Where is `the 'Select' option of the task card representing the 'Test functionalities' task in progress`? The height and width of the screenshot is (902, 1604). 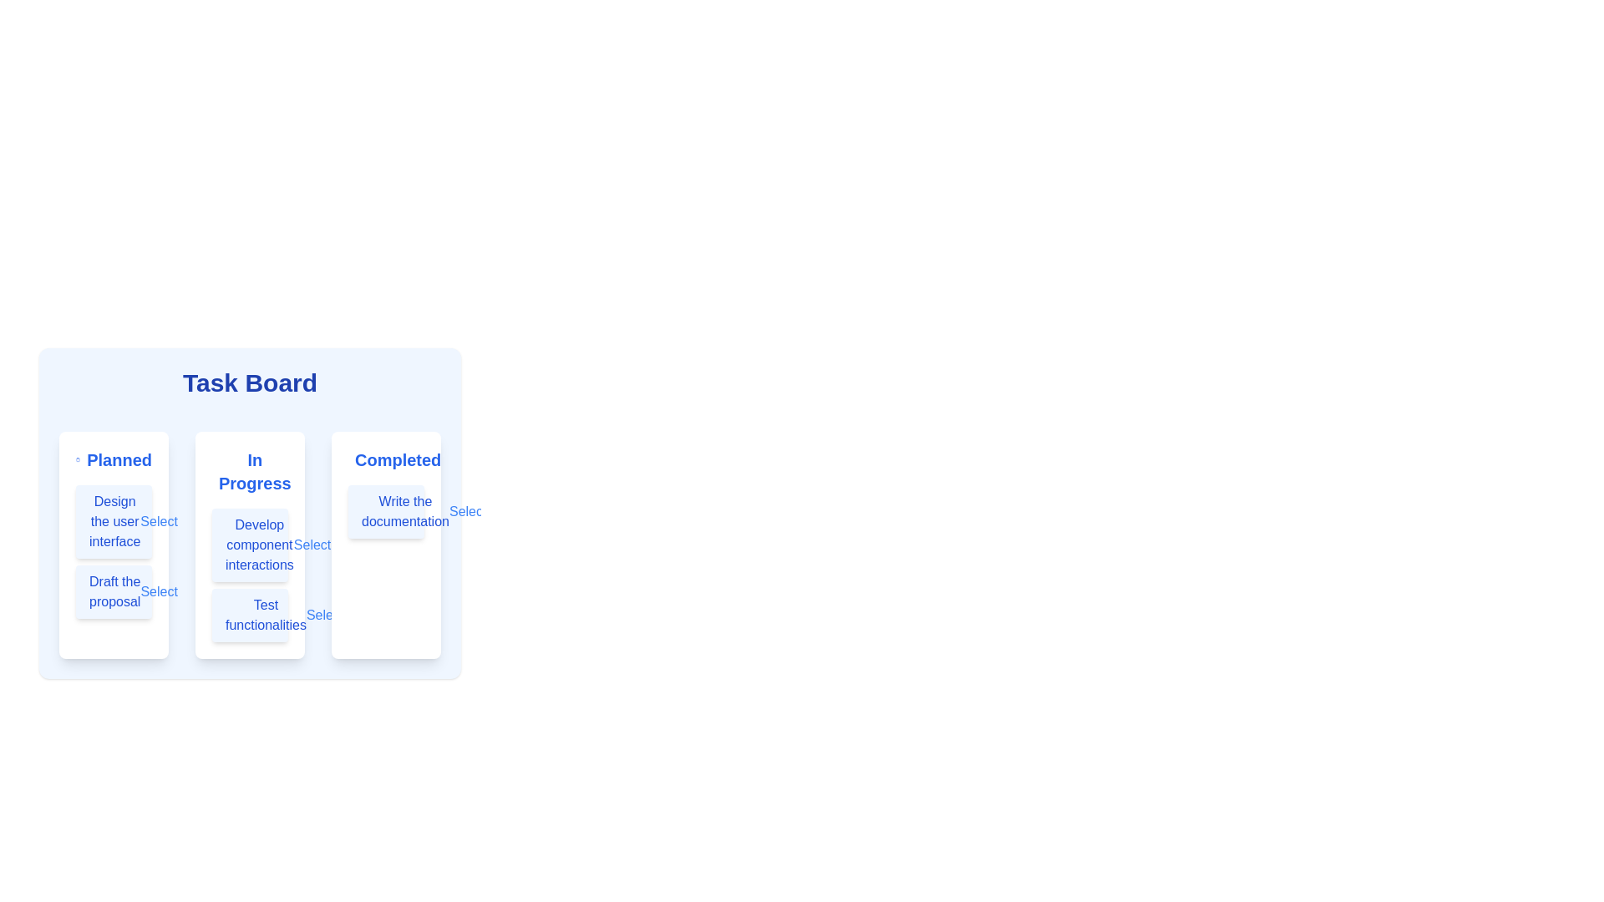 the 'Select' option of the task card representing the 'Test functionalities' task in progress is located at coordinates (249, 615).